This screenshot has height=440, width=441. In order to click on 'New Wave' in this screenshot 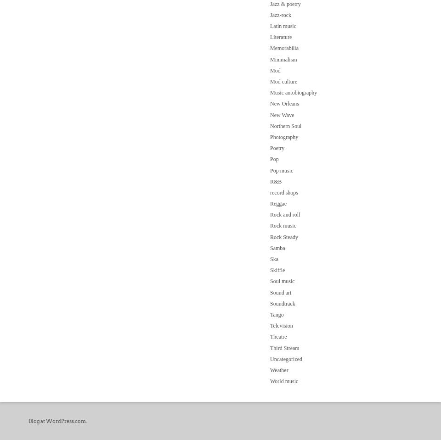, I will do `click(282, 115)`.